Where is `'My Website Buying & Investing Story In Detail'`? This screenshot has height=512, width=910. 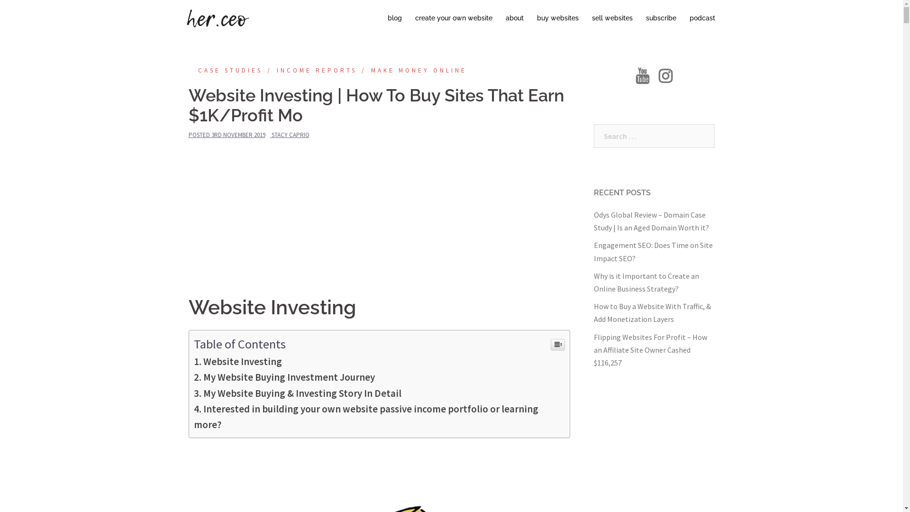
'My Website Buying & Investing Story In Detail' is located at coordinates (297, 393).